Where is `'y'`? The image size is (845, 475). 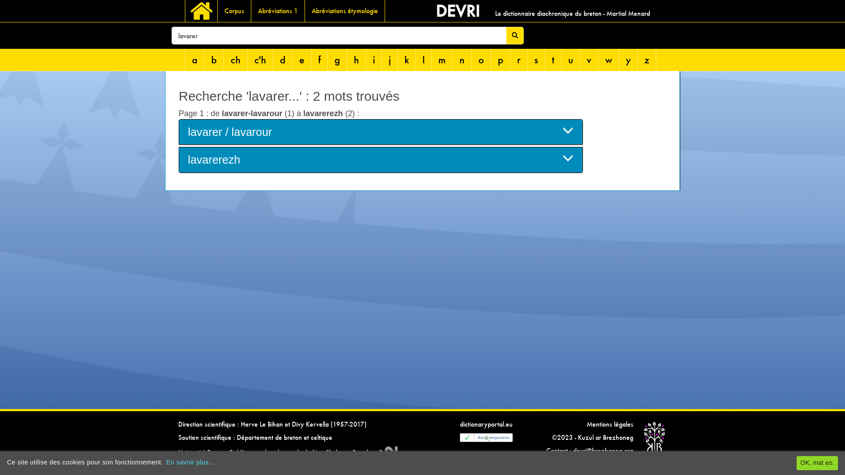 'y' is located at coordinates (628, 59).